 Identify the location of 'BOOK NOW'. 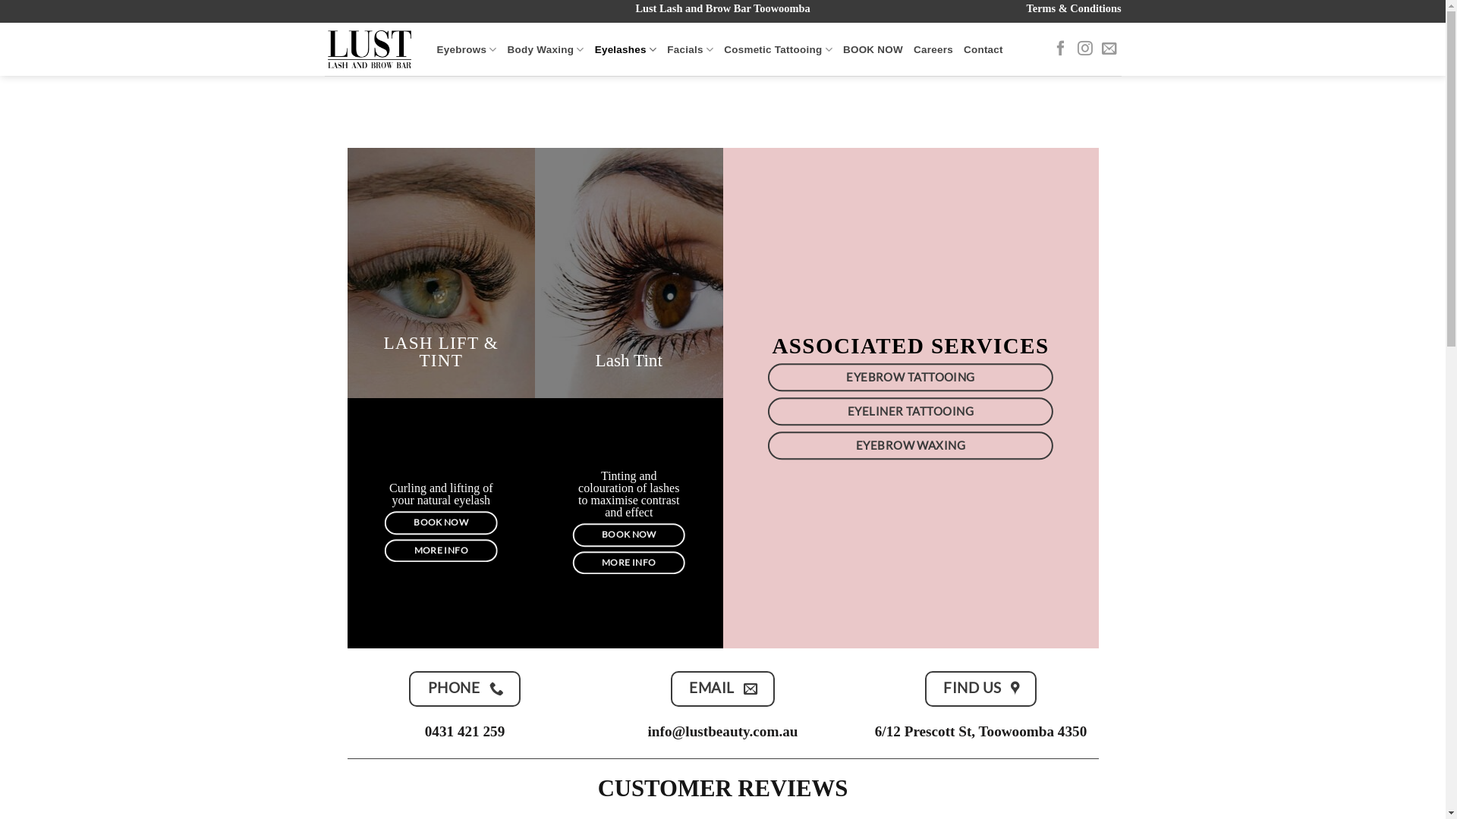
(628, 534).